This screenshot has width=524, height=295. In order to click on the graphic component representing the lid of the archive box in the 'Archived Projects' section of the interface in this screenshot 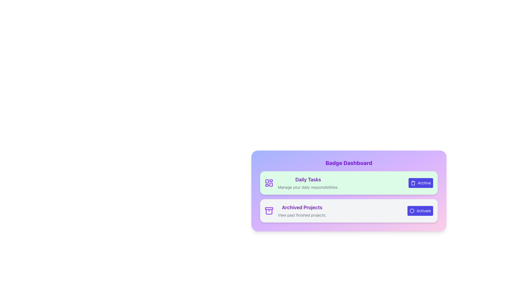, I will do `click(269, 208)`.